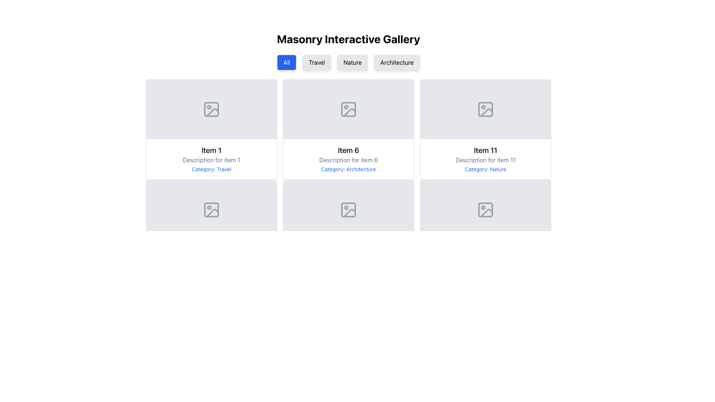 The width and height of the screenshot is (715, 402). What do you see at coordinates (211, 159) in the screenshot?
I see `the Information block containing the title 'Item 1', descriptive text 'Description for item 1', and the link 'Category: Travel'` at bounding box center [211, 159].